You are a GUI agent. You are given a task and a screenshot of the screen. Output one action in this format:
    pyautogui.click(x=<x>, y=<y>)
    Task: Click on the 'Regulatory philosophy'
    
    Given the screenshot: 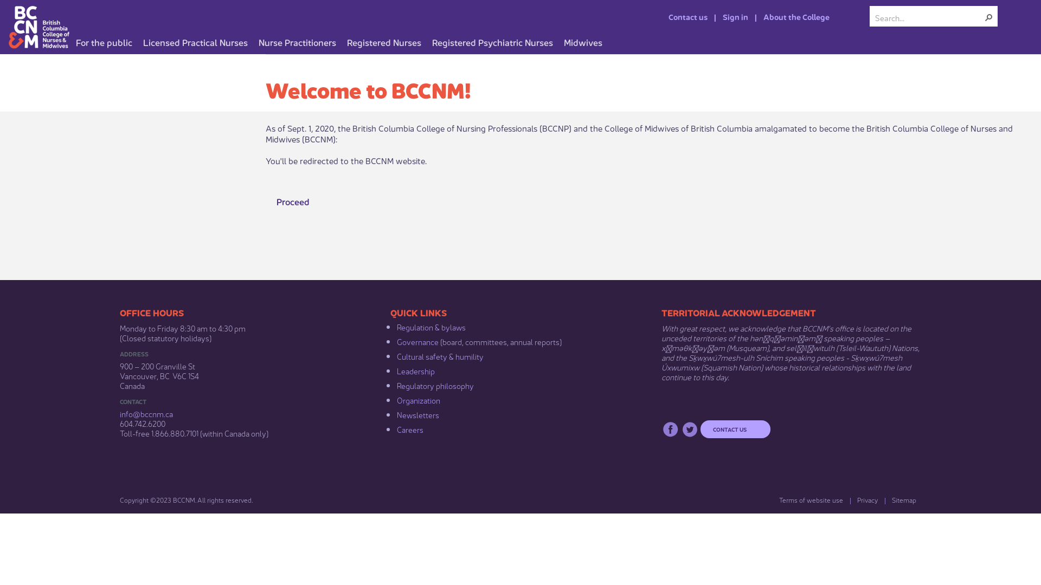 What is the action you would take?
    pyautogui.click(x=435, y=384)
    